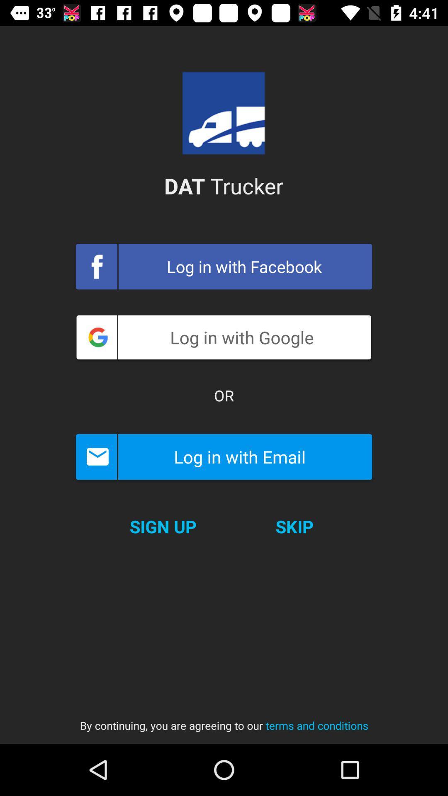 Image resolution: width=448 pixels, height=796 pixels. Describe the element at coordinates (294, 526) in the screenshot. I see `skip icon` at that location.